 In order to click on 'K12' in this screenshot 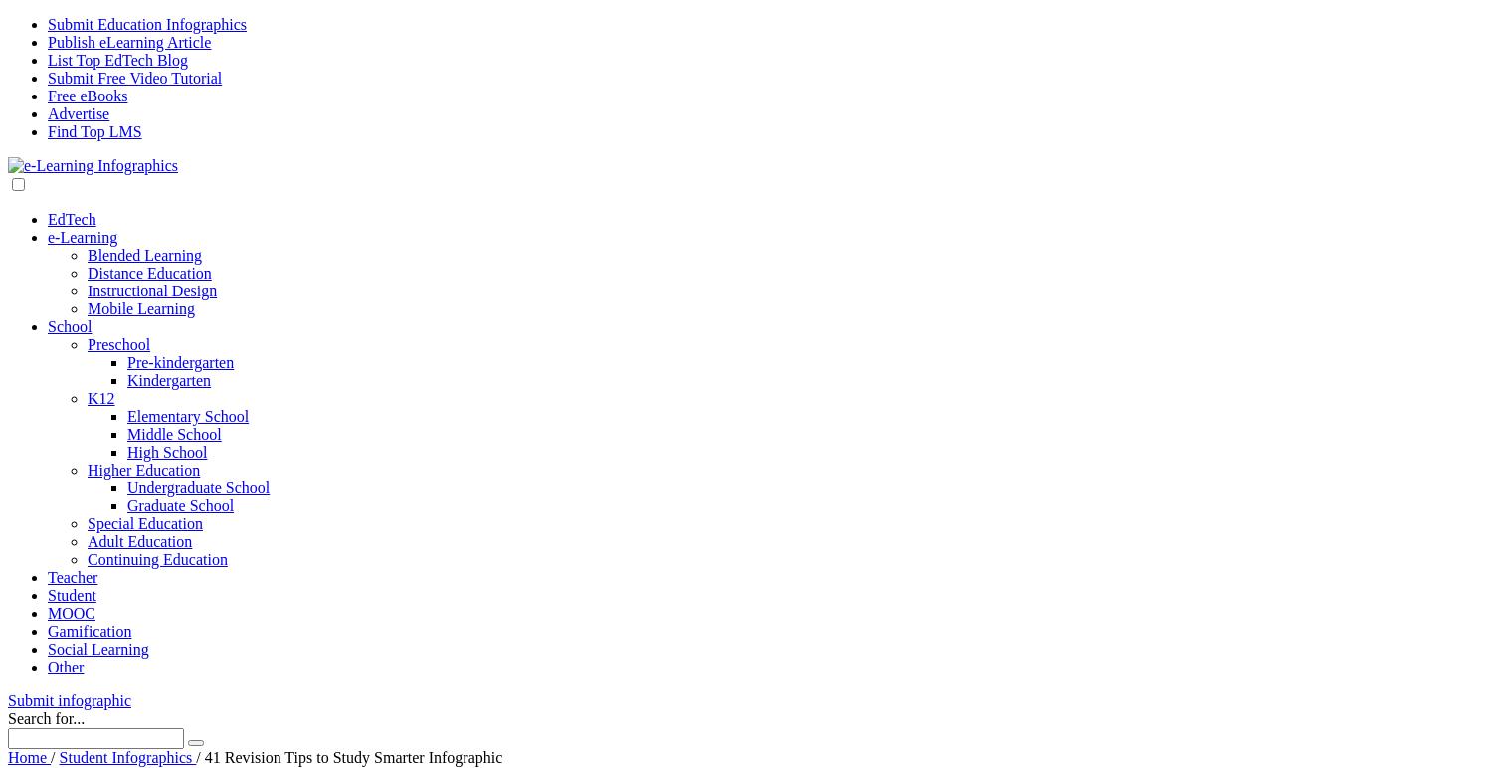, I will do `click(100, 398)`.